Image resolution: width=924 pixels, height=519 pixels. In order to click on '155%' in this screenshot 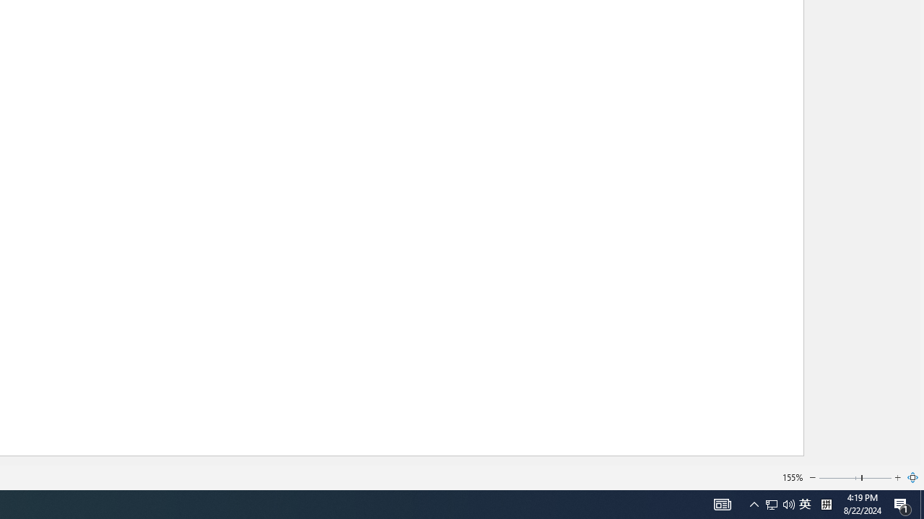, I will do `click(792, 477)`.